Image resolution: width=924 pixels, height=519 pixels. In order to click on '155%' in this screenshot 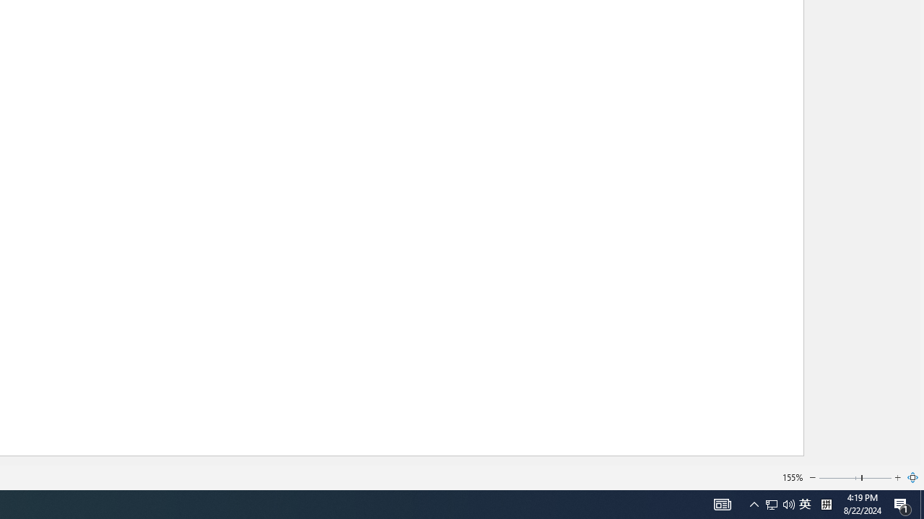, I will do `click(792, 477)`.